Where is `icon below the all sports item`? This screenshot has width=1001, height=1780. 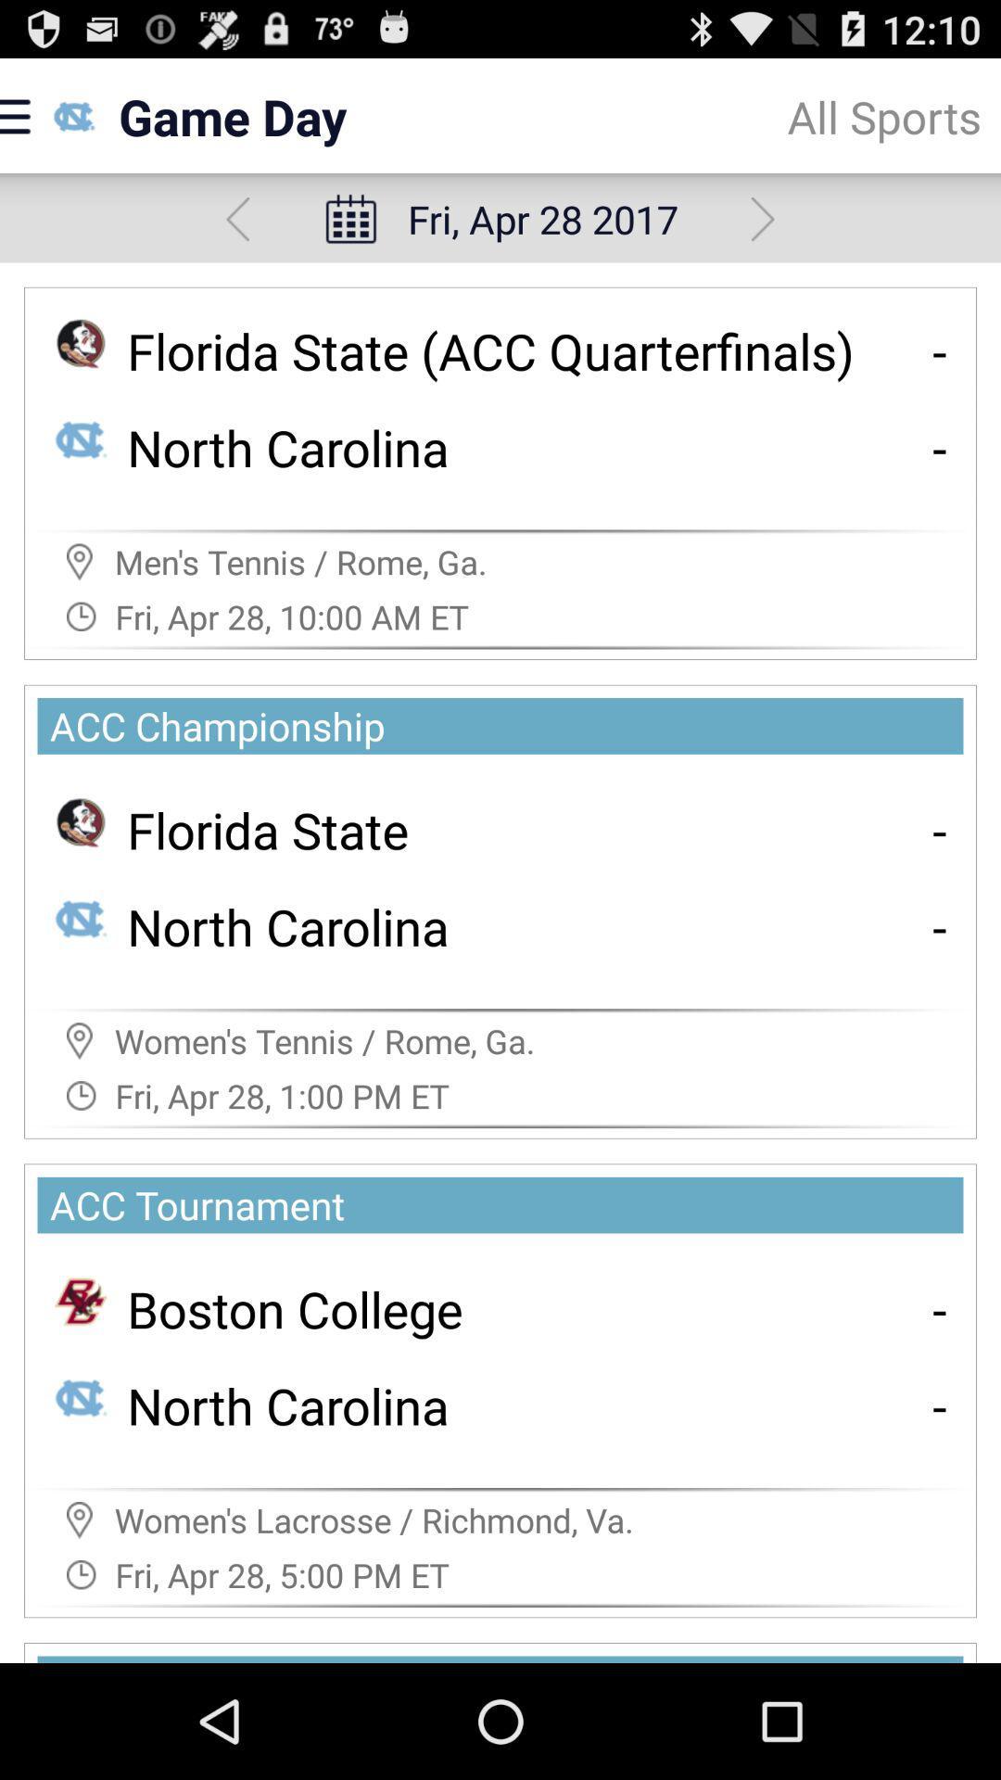
icon below the all sports item is located at coordinates (763, 219).